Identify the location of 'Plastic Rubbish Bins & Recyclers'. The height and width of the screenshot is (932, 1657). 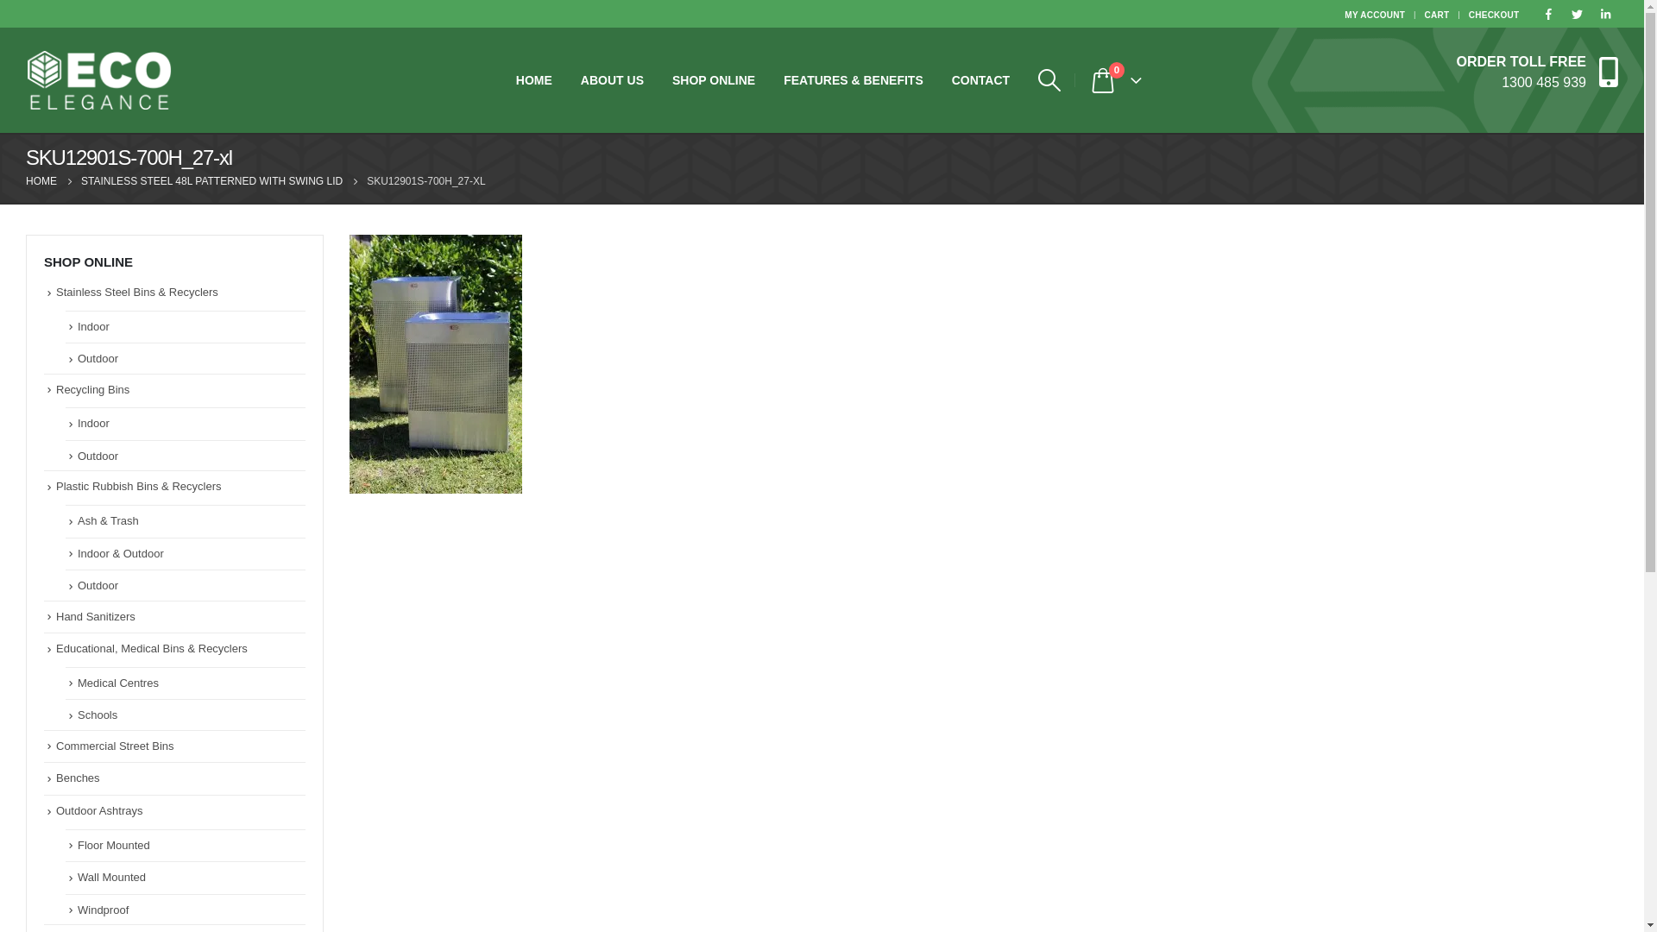
(138, 486).